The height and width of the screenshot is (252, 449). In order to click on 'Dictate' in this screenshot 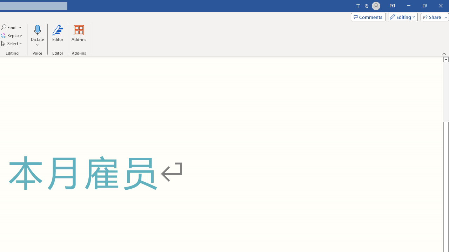, I will do `click(37, 29)`.